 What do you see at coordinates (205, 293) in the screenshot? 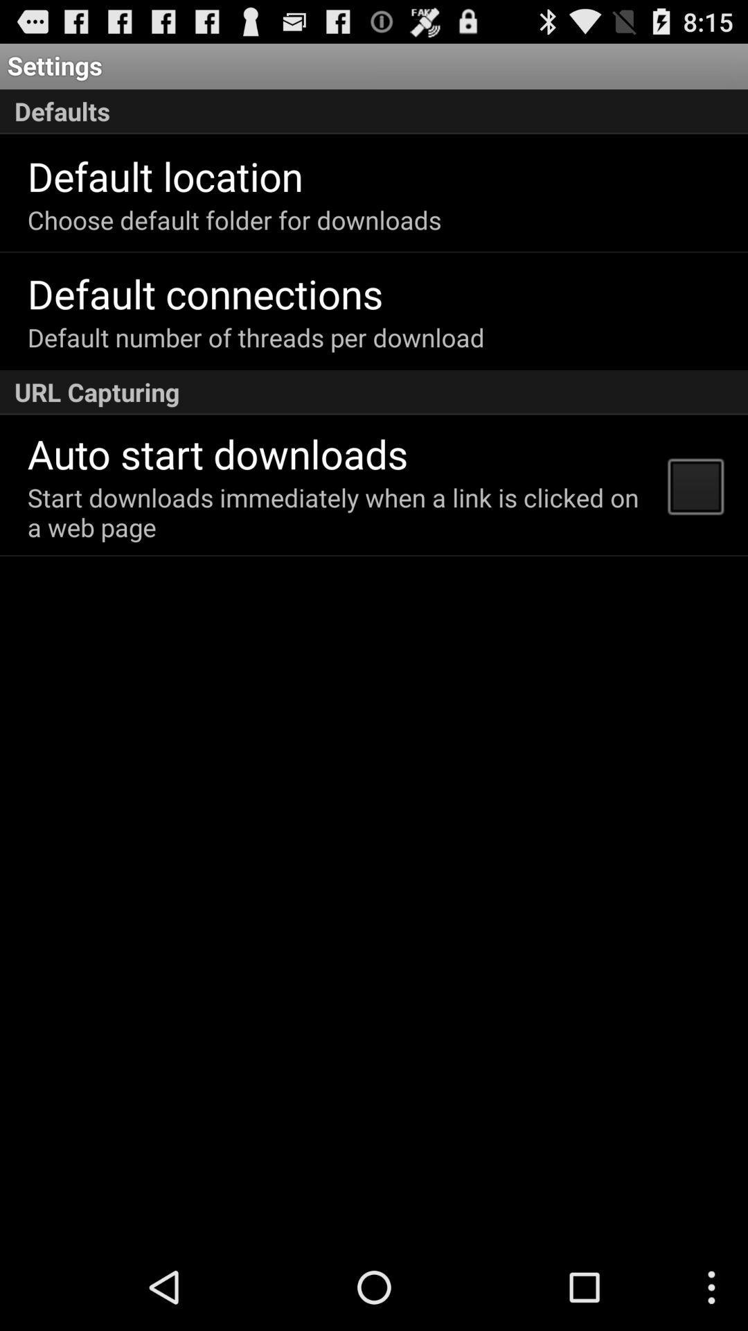
I see `app above default number of` at bounding box center [205, 293].